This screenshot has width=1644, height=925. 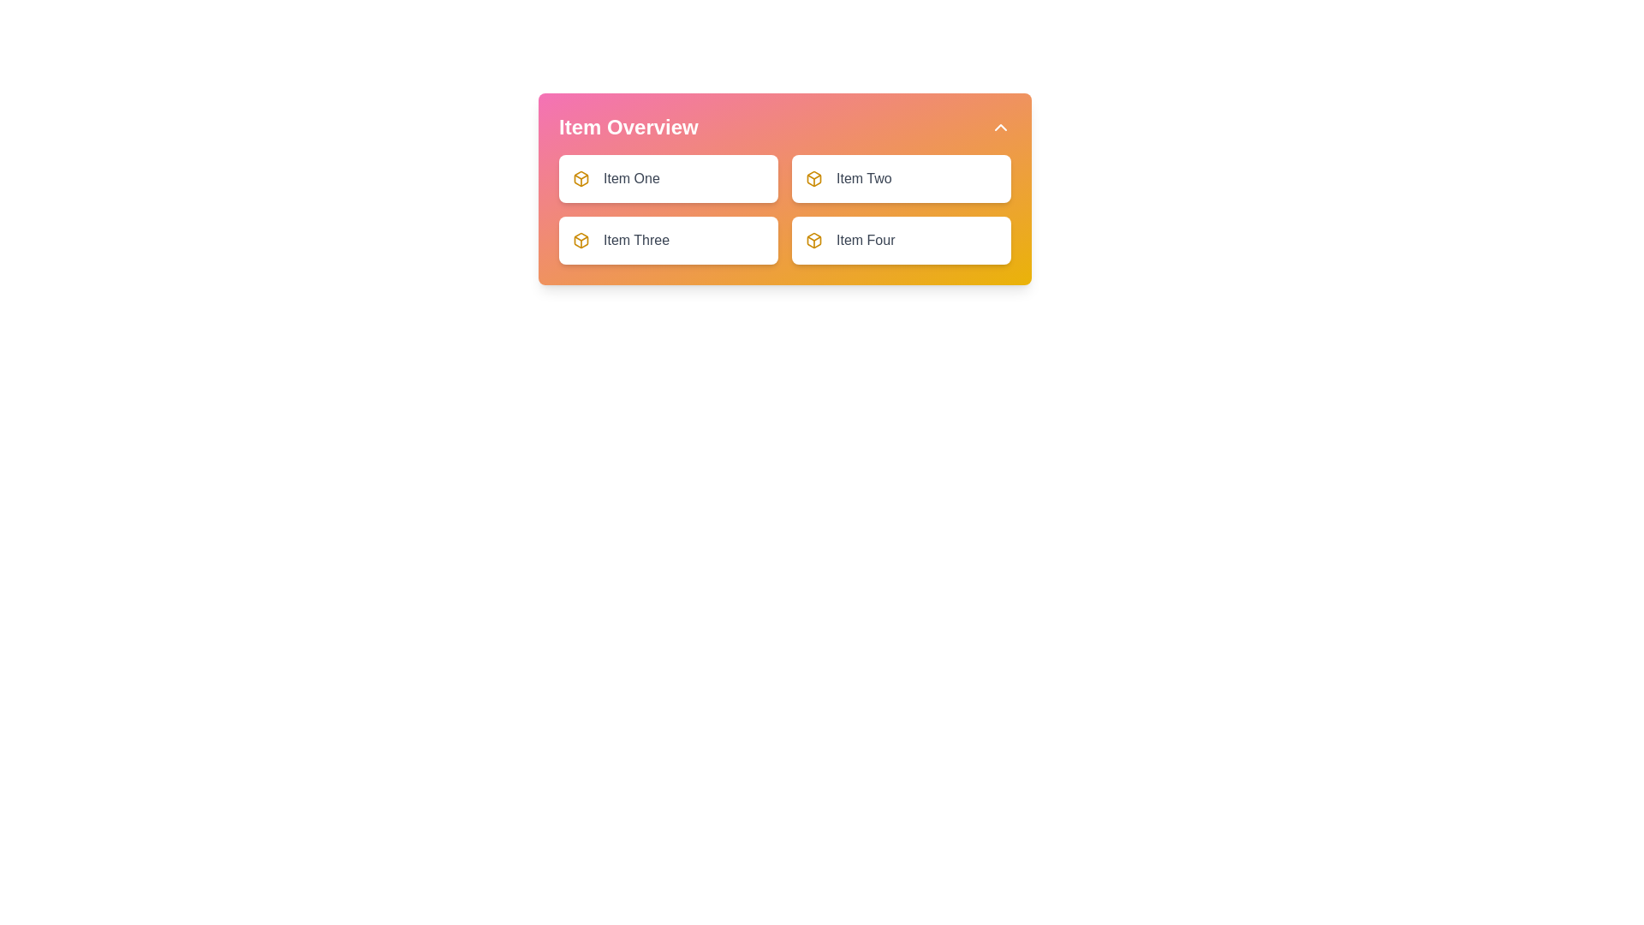 What do you see at coordinates (813, 178) in the screenshot?
I see `the yellow cube-shaped icon with a hollow outlined appearance located within the 'Item Two' button in the grid layout of the 'Item Overview' section` at bounding box center [813, 178].